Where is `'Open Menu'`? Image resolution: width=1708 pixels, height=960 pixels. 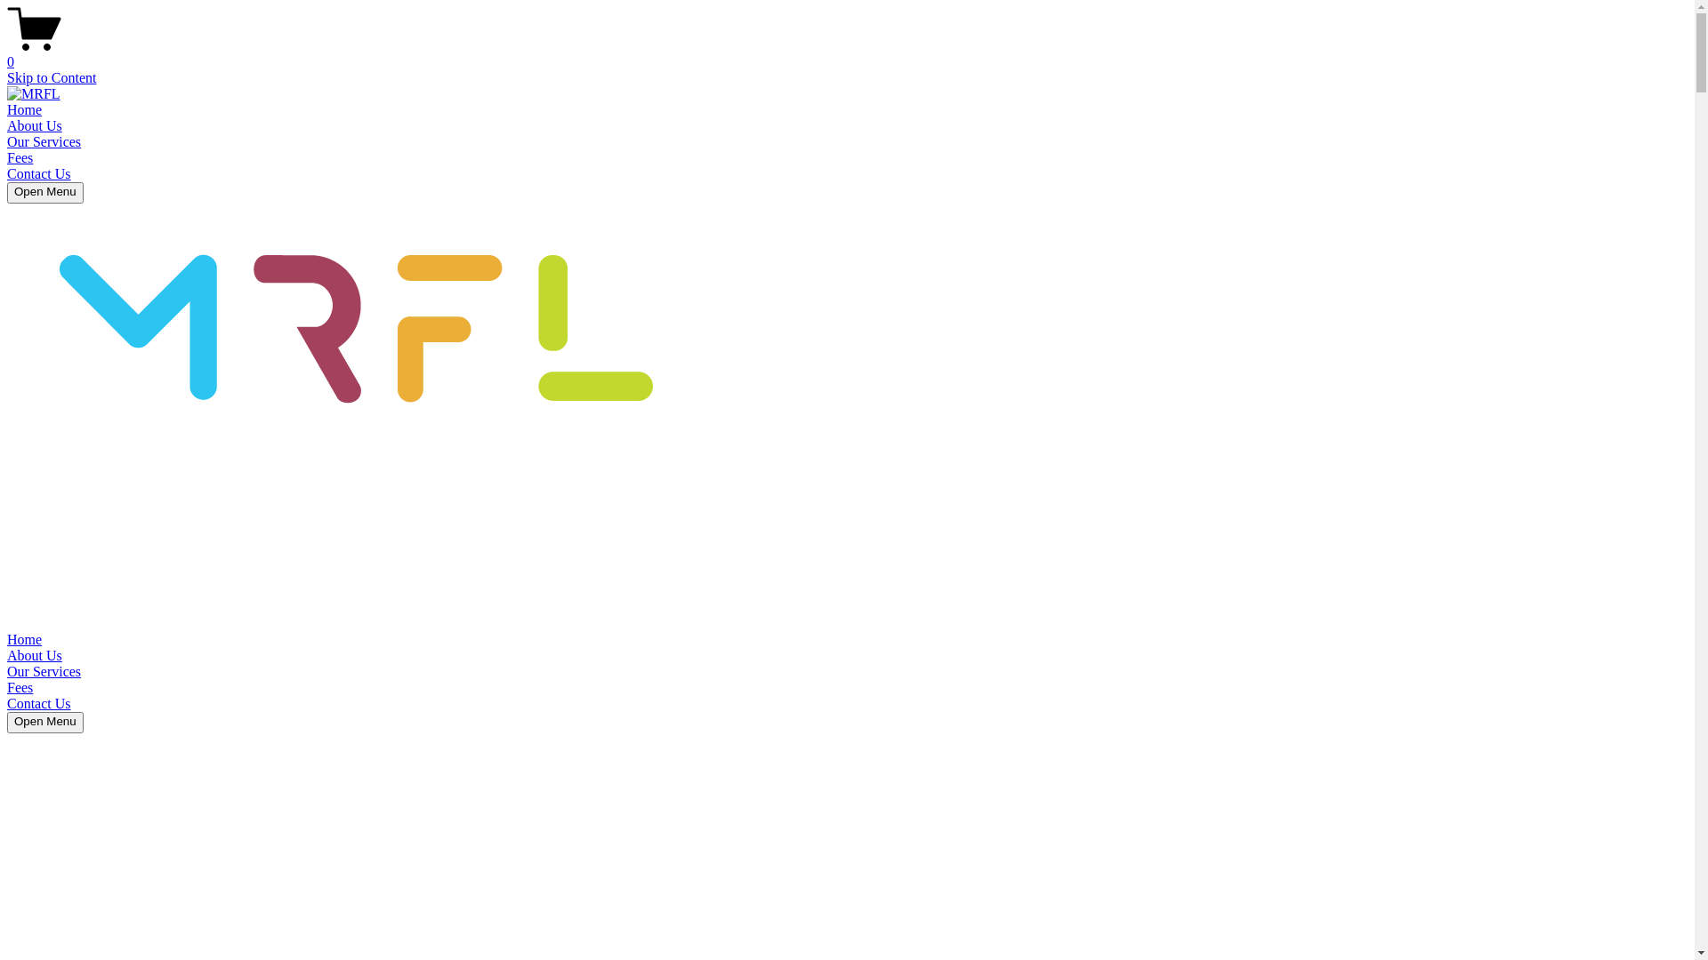 'Open Menu' is located at coordinates (45, 192).